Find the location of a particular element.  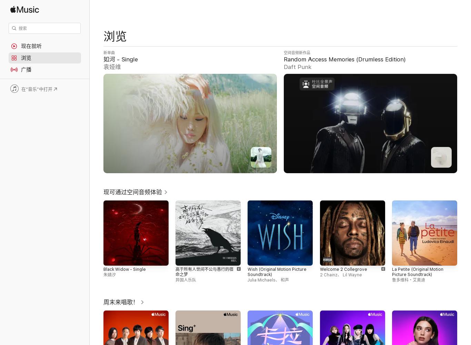

'Julia Michaels' is located at coordinates (247, 280).